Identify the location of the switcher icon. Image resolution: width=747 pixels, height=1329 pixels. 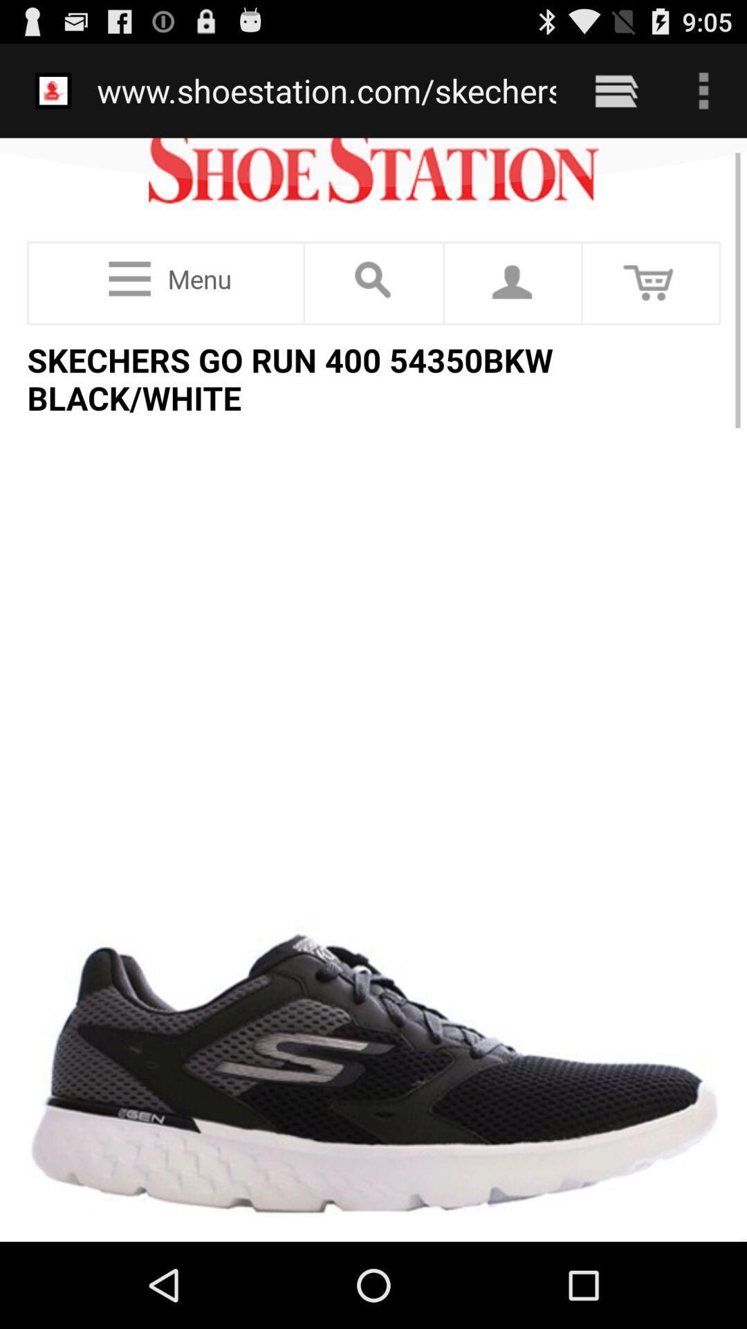
(616, 96).